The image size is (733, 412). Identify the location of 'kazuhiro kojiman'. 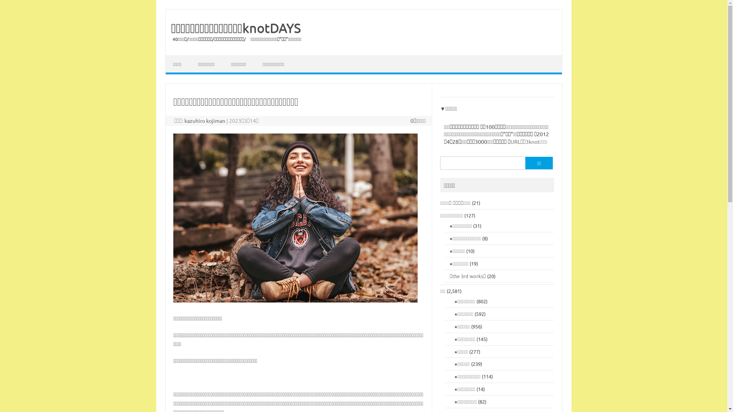
(205, 120).